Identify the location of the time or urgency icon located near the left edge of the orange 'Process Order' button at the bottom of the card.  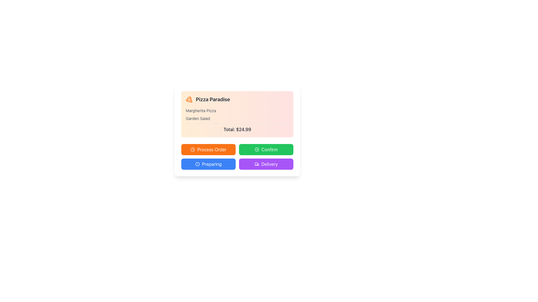
(193, 149).